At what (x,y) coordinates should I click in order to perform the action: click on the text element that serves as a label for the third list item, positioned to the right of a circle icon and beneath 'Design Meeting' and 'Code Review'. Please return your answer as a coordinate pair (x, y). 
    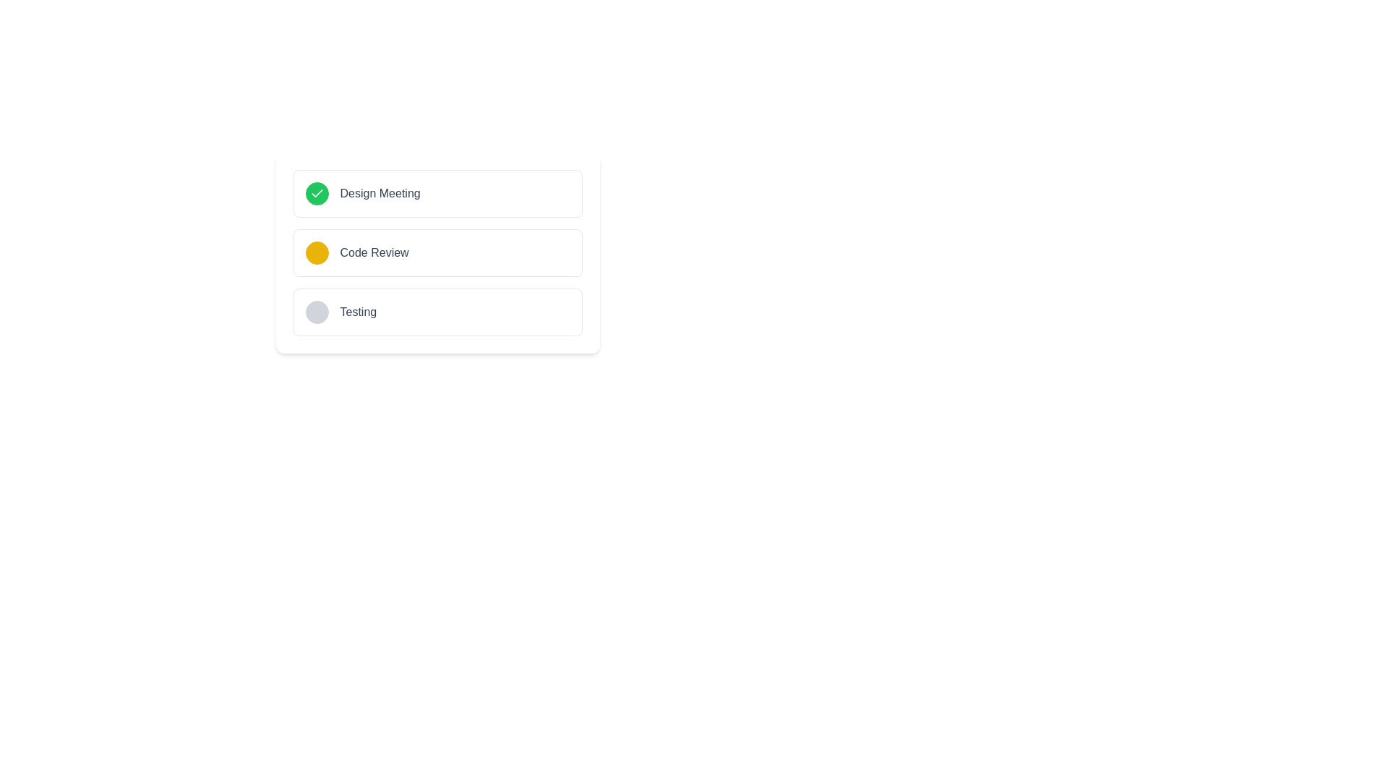
    Looking at the image, I should click on (358, 312).